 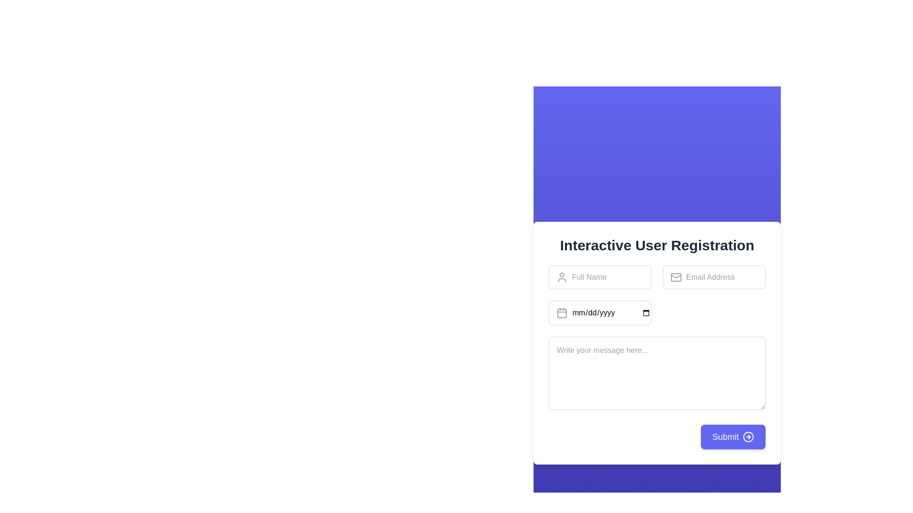 What do you see at coordinates (675, 277) in the screenshot?
I see `the gray outline mail icon, which features a rectangular envelope shape with a triangular flap, located to the left of the email address input field` at bounding box center [675, 277].